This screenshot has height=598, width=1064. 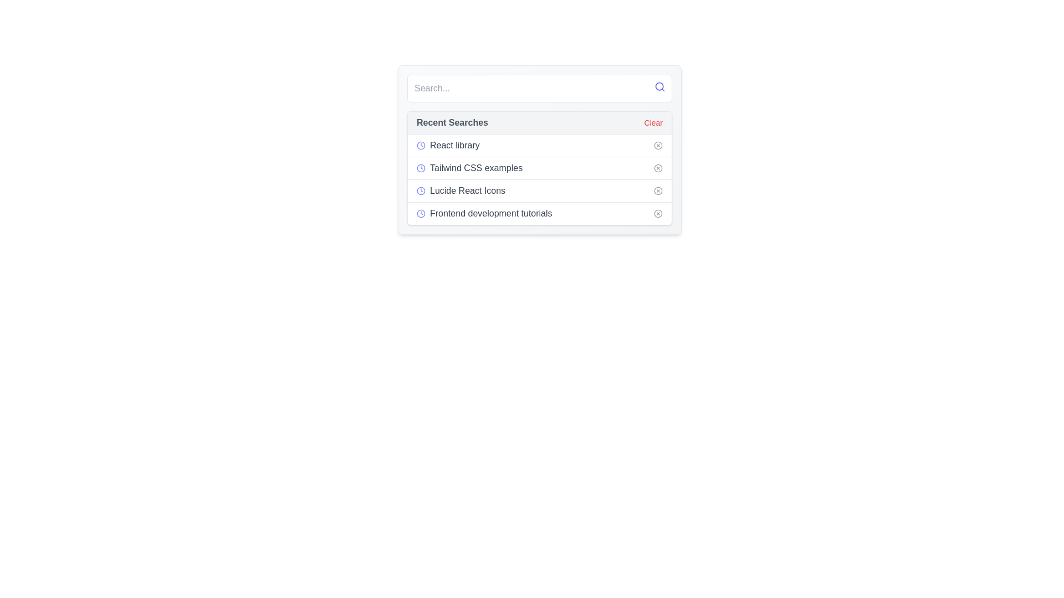 What do you see at coordinates (658, 145) in the screenshot?
I see `the 'X' icon button at the end of the 'React library' list item` at bounding box center [658, 145].